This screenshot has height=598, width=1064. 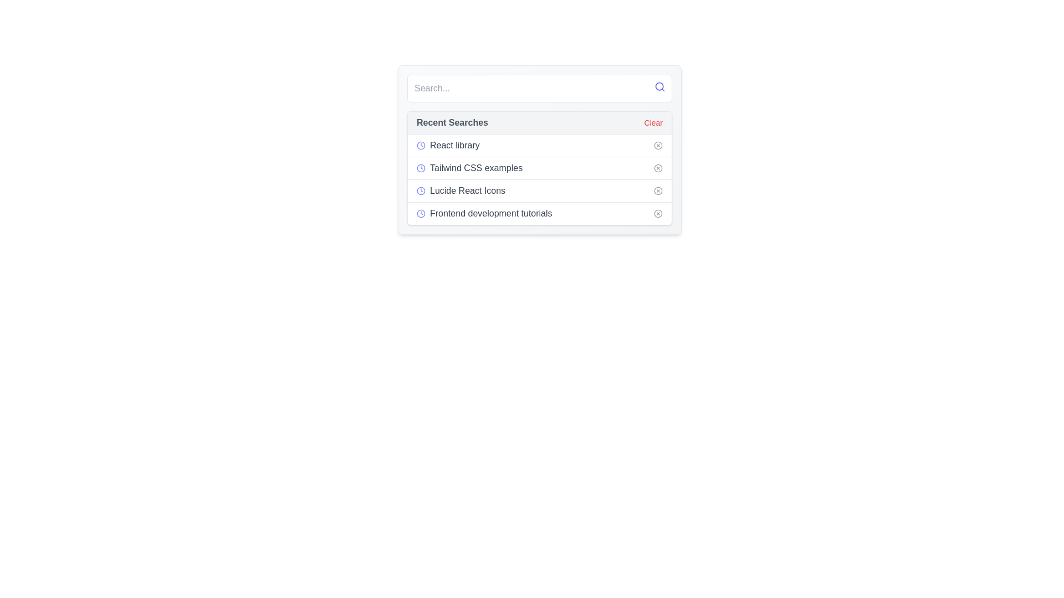 What do you see at coordinates (658, 145) in the screenshot?
I see `the 'X' icon button at the end of the 'React library' list item` at bounding box center [658, 145].